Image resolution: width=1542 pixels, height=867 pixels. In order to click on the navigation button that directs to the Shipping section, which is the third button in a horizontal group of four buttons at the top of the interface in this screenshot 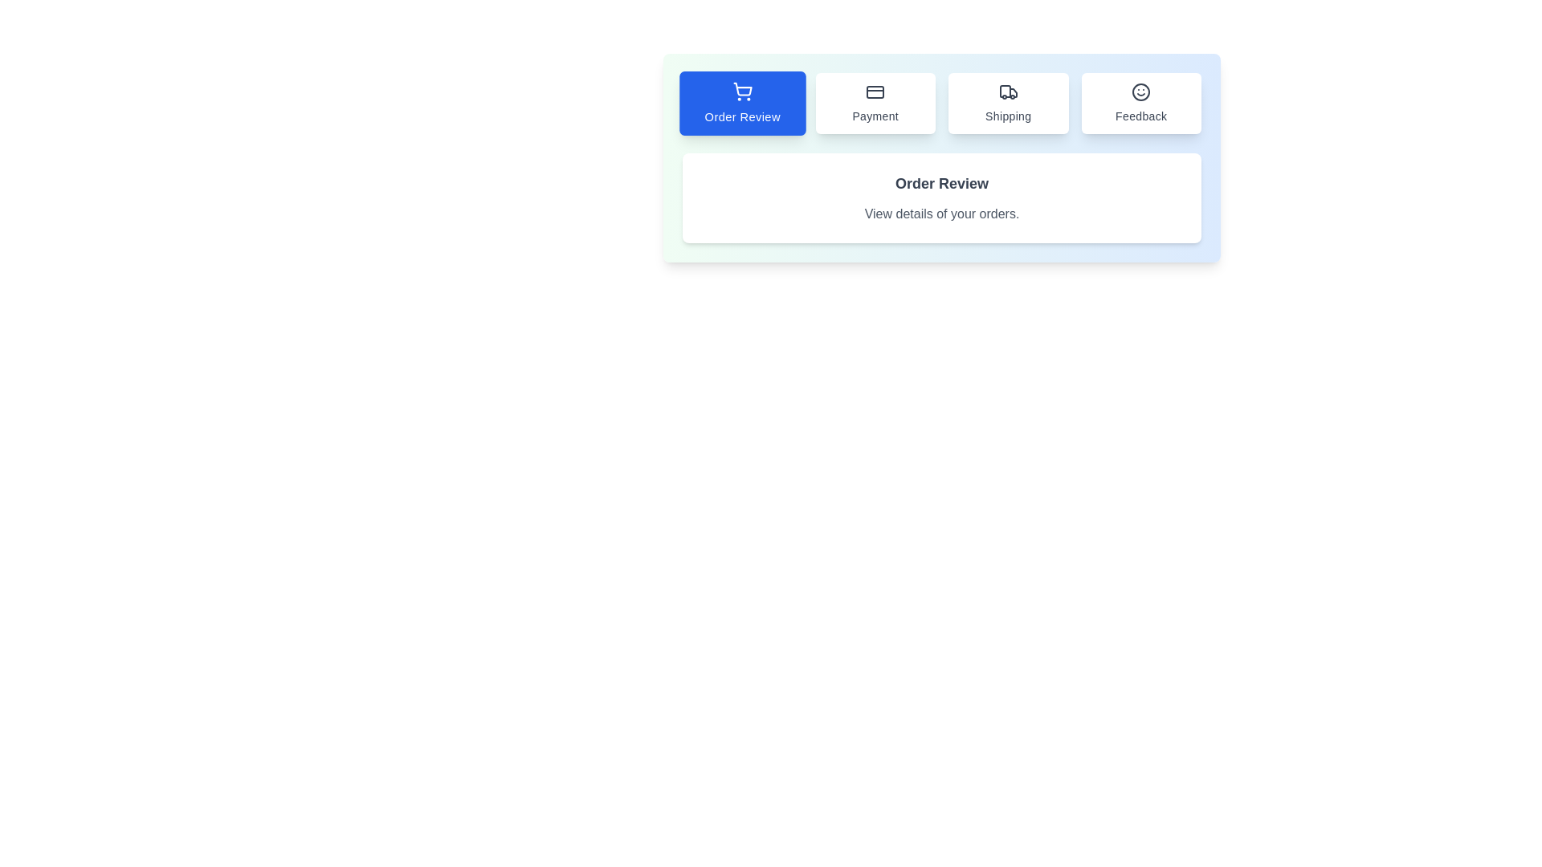, I will do `click(1007, 103)`.